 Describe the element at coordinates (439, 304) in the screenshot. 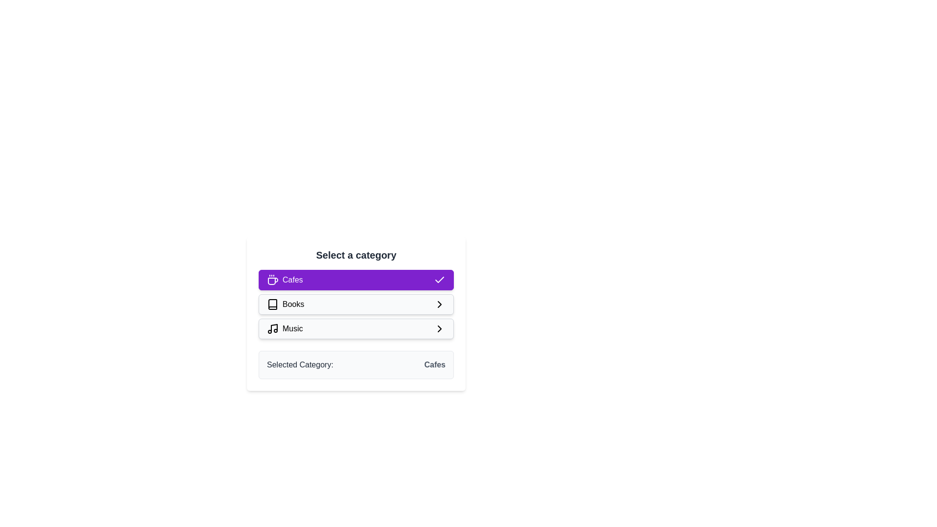

I see `the navigation icon located at the far-right of the 'Books' selection row` at that location.